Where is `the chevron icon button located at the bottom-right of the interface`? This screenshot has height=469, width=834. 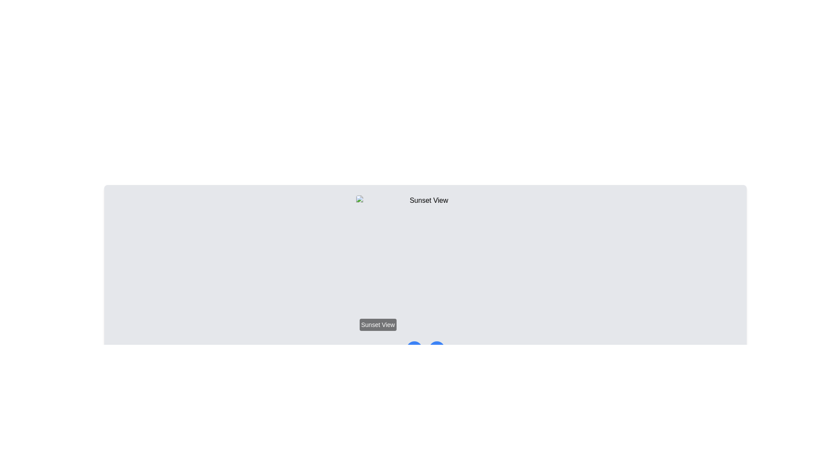 the chevron icon button located at the bottom-right of the interface is located at coordinates (437, 348).